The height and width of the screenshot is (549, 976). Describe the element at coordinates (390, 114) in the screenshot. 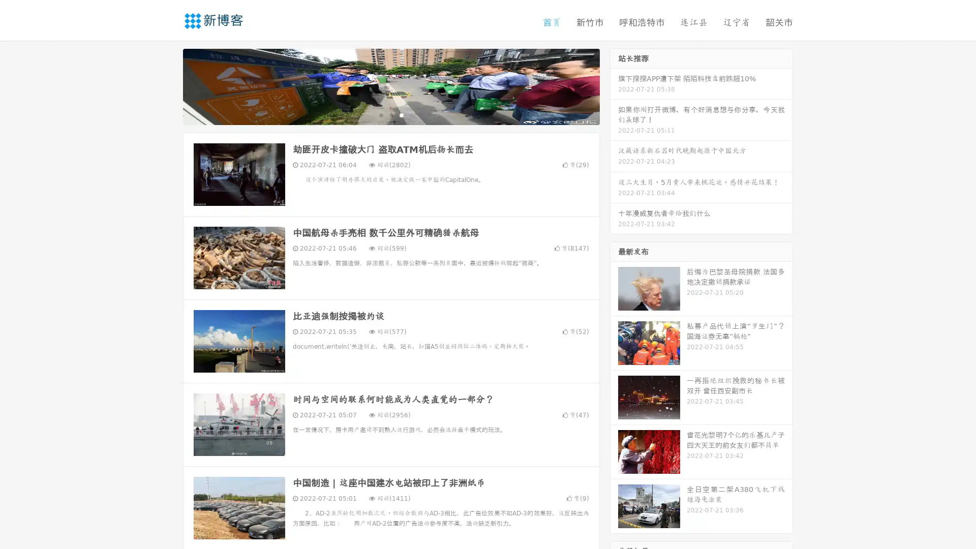

I see `Go to slide 2` at that location.